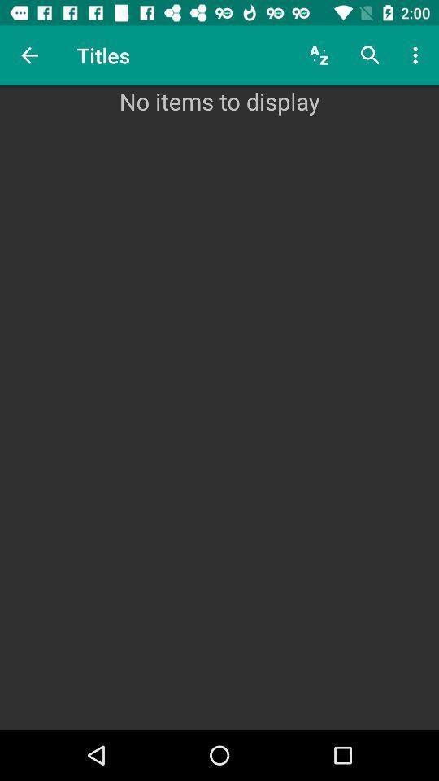 Image resolution: width=439 pixels, height=781 pixels. Describe the element at coordinates (29, 55) in the screenshot. I see `the icon to the left of titles item` at that location.